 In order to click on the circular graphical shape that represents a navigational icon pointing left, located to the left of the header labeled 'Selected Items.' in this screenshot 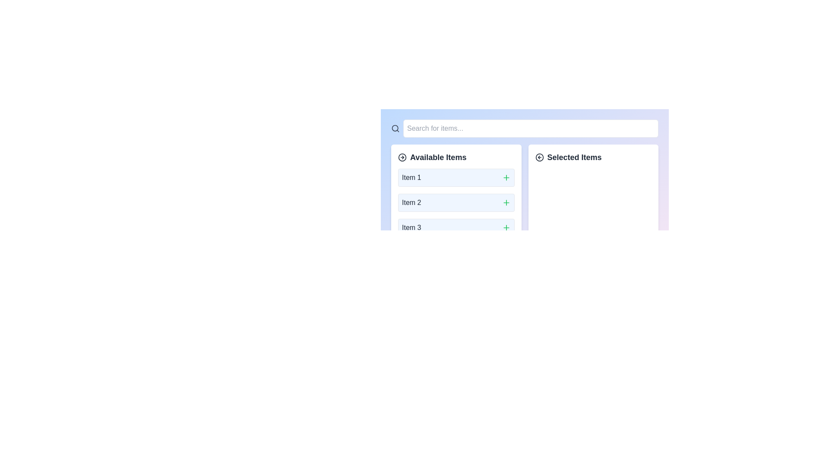, I will do `click(539, 157)`.